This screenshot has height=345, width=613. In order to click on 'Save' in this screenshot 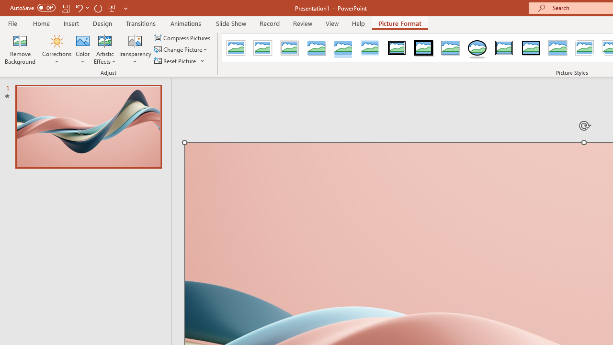, I will do `click(65, 8)`.